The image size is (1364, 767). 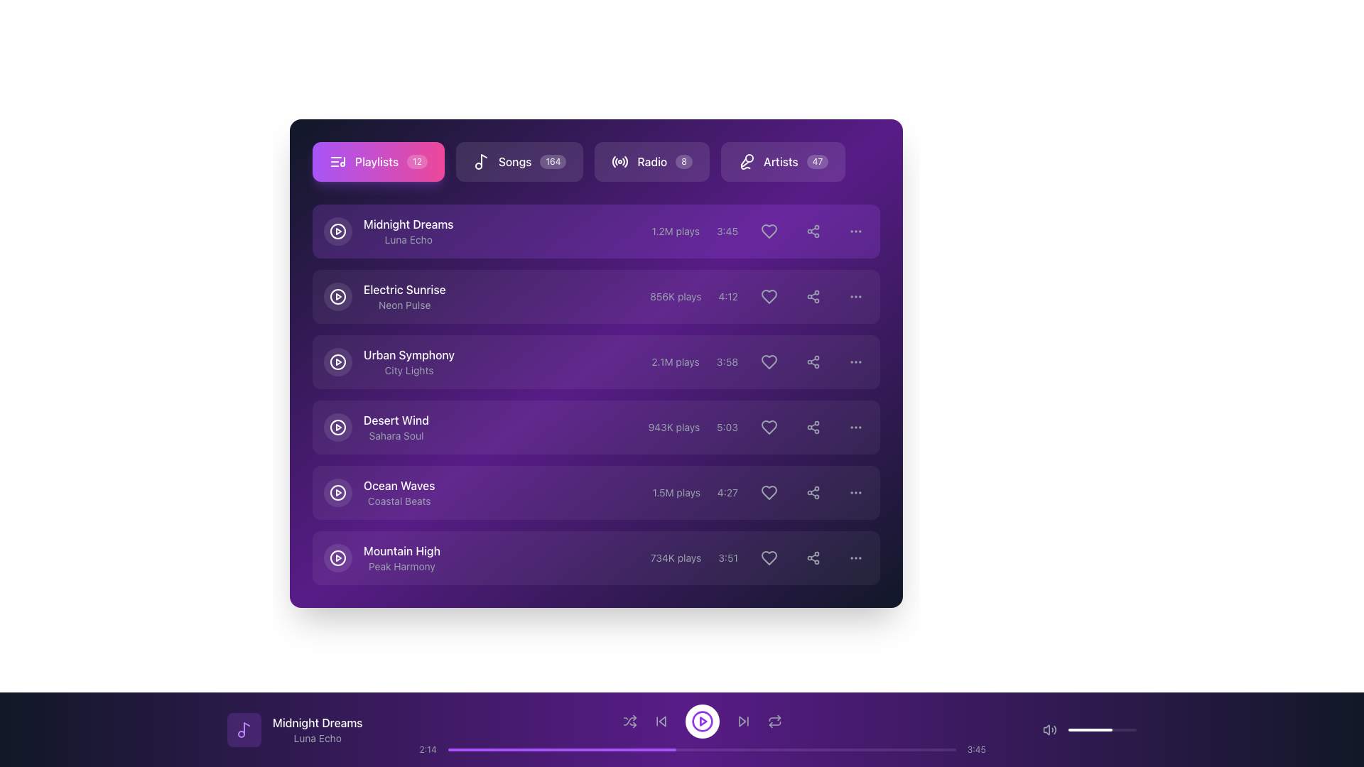 What do you see at coordinates (727, 426) in the screenshot?
I see `the static text label displaying the duration of the 'Desert Wind' track, which is located in the fourth row of the list, immediately to the right of the '943K plays' text` at bounding box center [727, 426].